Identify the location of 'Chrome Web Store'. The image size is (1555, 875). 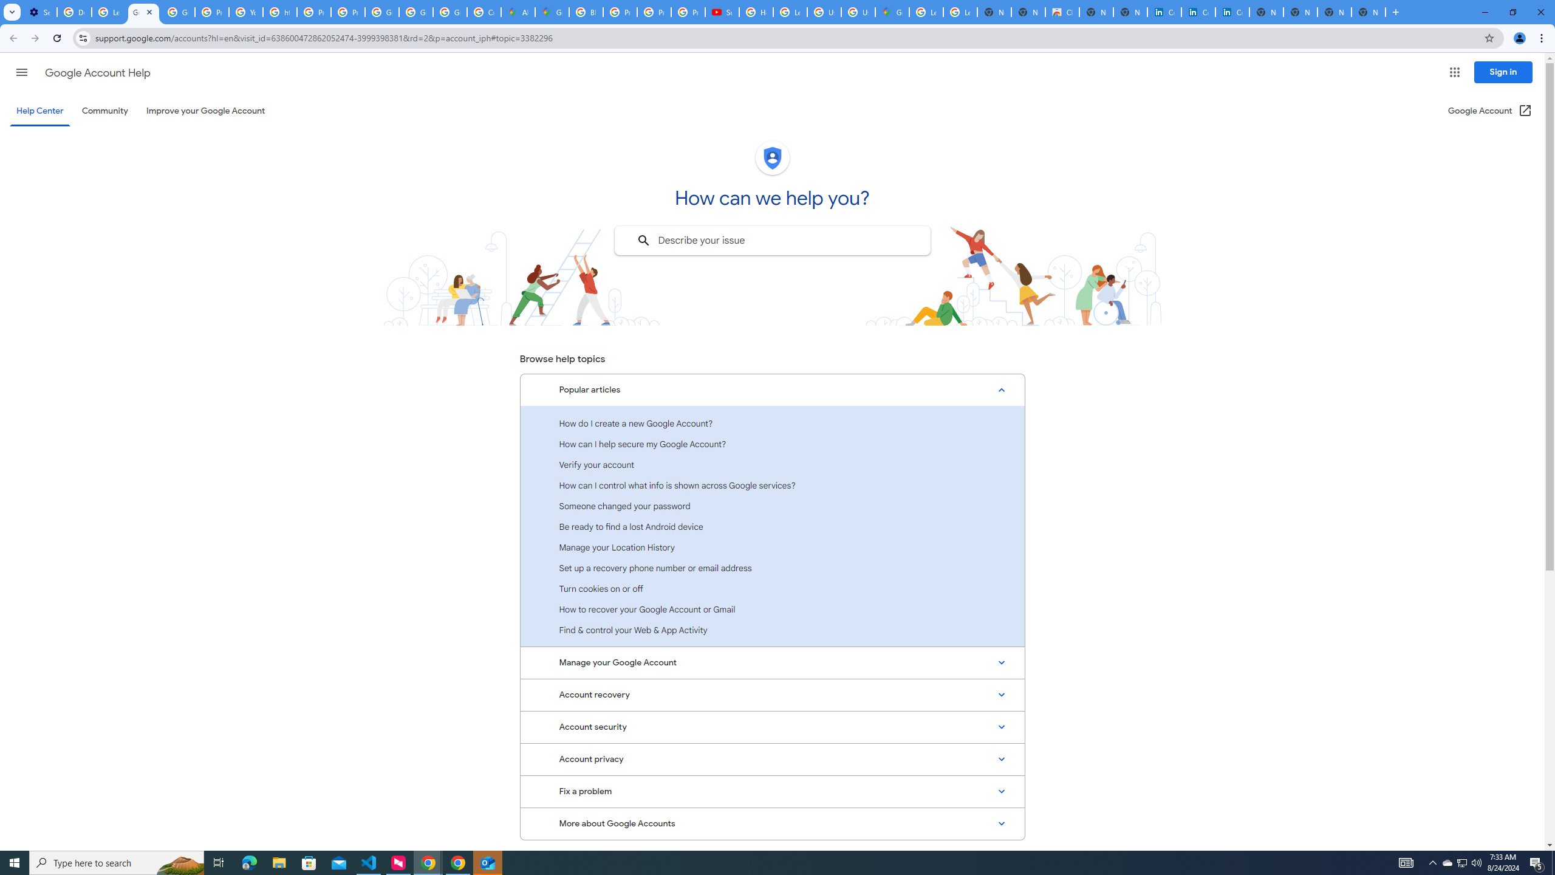
(1062, 12).